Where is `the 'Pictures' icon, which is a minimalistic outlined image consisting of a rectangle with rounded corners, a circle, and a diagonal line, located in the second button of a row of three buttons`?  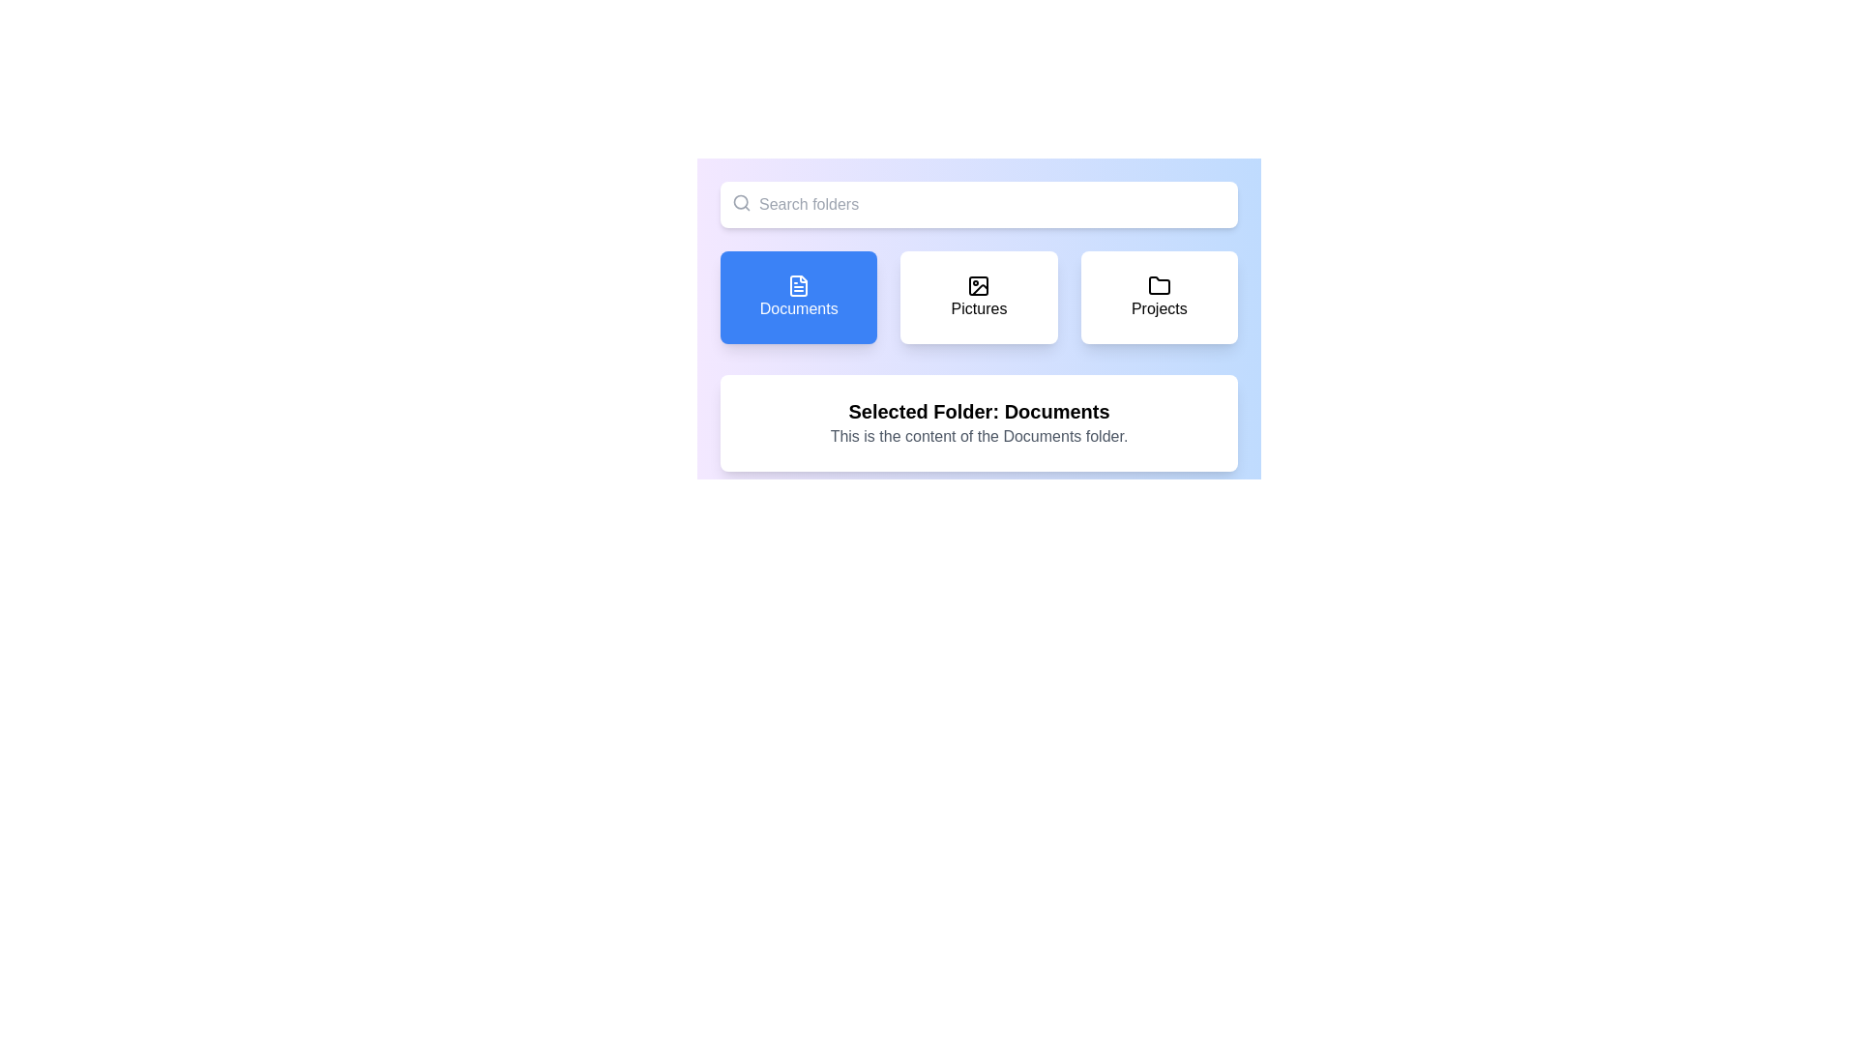 the 'Pictures' icon, which is a minimalistic outlined image consisting of a rectangle with rounded corners, a circle, and a diagonal line, located in the second button of a row of three buttons is located at coordinates (979, 286).